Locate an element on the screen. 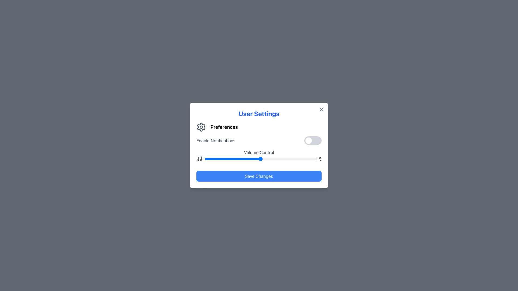 Image resolution: width=518 pixels, height=291 pixels. the volume is located at coordinates (272, 159).